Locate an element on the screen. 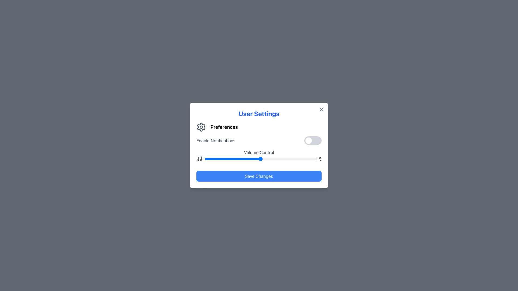 Image resolution: width=518 pixels, height=291 pixels. the volume is located at coordinates (272, 159).